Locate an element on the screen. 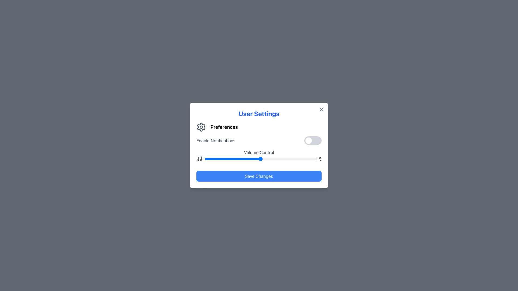 Image resolution: width=518 pixels, height=291 pixels. the volume is located at coordinates (272, 159).